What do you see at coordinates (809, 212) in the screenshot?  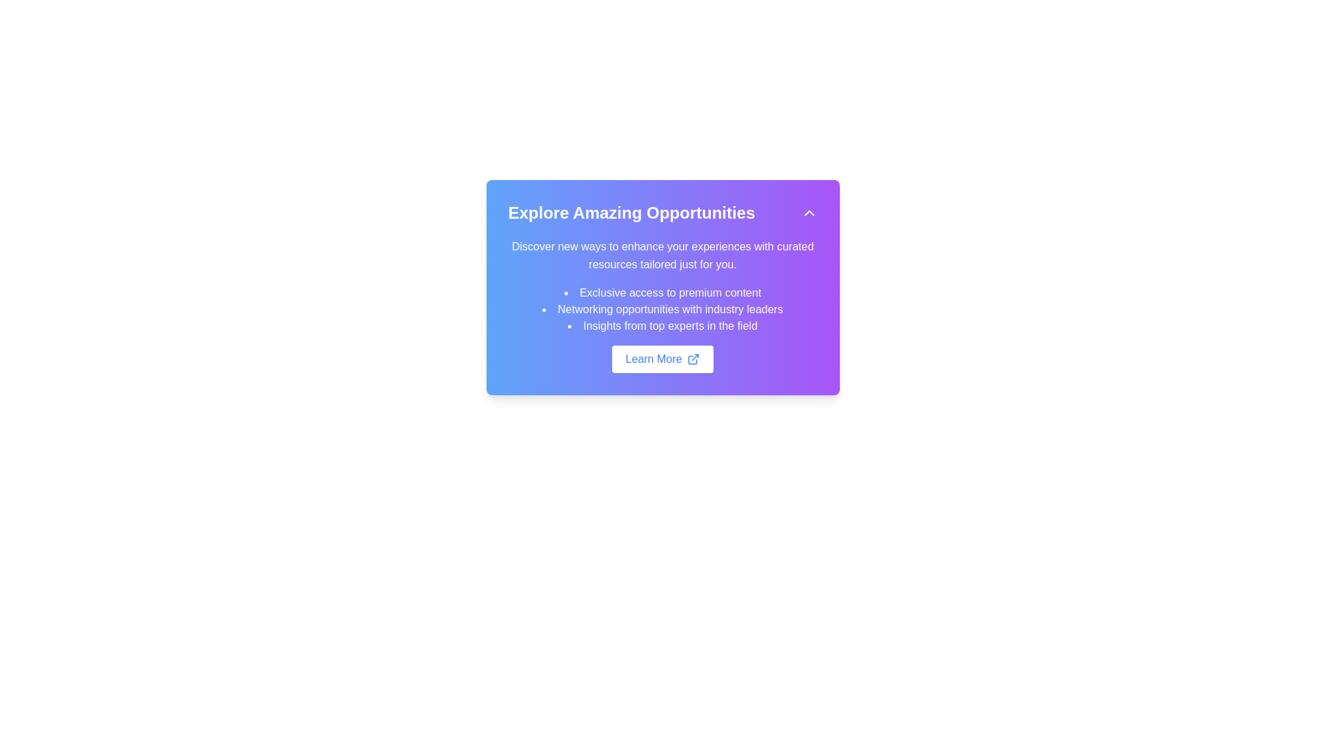 I see `the button located at the top-right corner of the panel titled 'Explore Amazing Opportunities'` at bounding box center [809, 212].